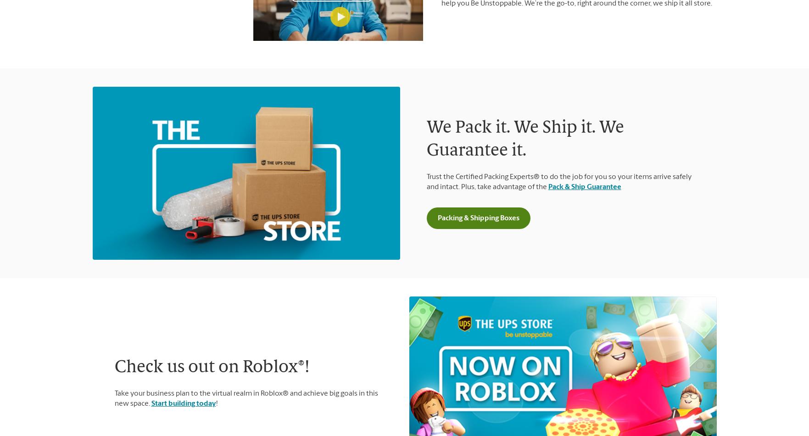 This screenshot has height=436, width=809. What do you see at coordinates (116, 379) in the screenshot?
I see `'Marketing Materials'` at bounding box center [116, 379].